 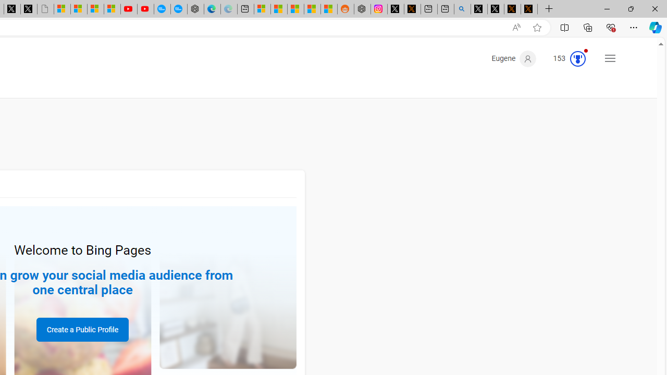 What do you see at coordinates (179, 9) in the screenshot?
I see `'The most popular Google '` at bounding box center [179, 9].